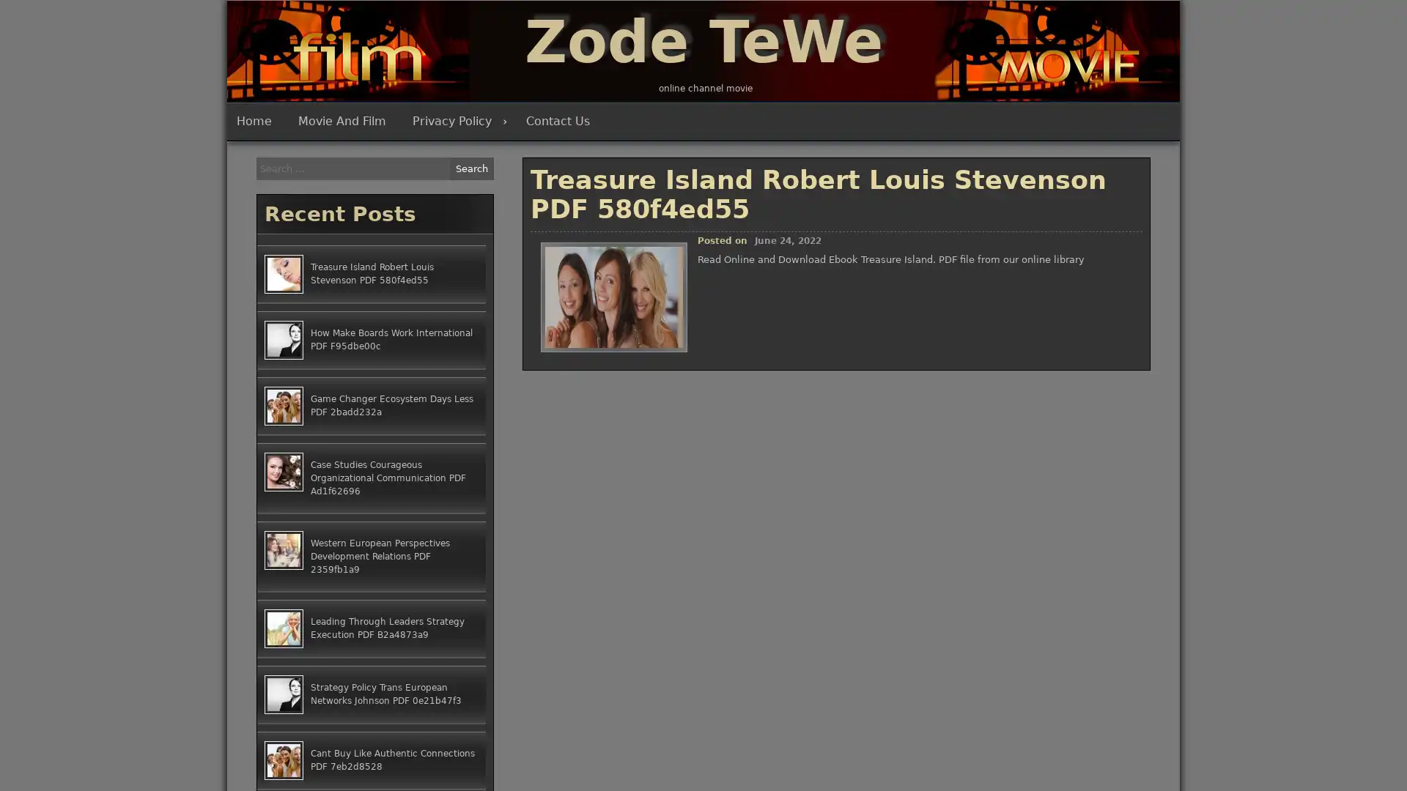 Image resolution: width=1407 pixels, height=791 pixels. Describe the element at coordinates (471, 168) in the screenshot. I see `Search` at that location.